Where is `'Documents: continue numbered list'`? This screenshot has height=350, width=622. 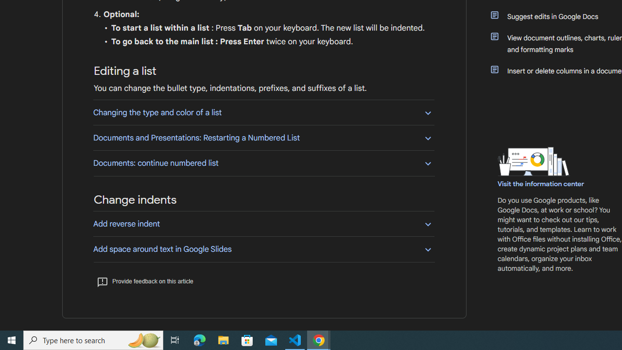
'Documents: continue numbered list' is located at coordinates (263, 162).